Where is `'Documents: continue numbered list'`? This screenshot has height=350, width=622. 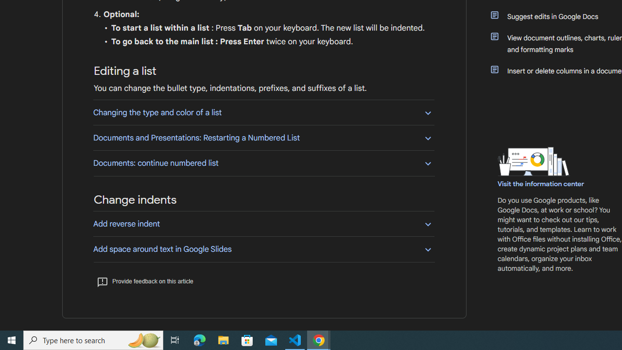
'Documents: continue numbered list' is located at coordinates (263, 162).